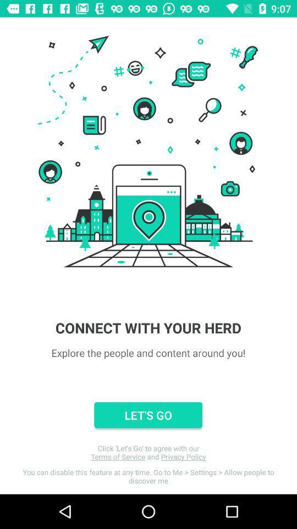 Image resolution: width=297 pixels, height=529 pixels. Describe the element at coordinates (148, 452) in the screenshot. I see `click let s item` at that location.